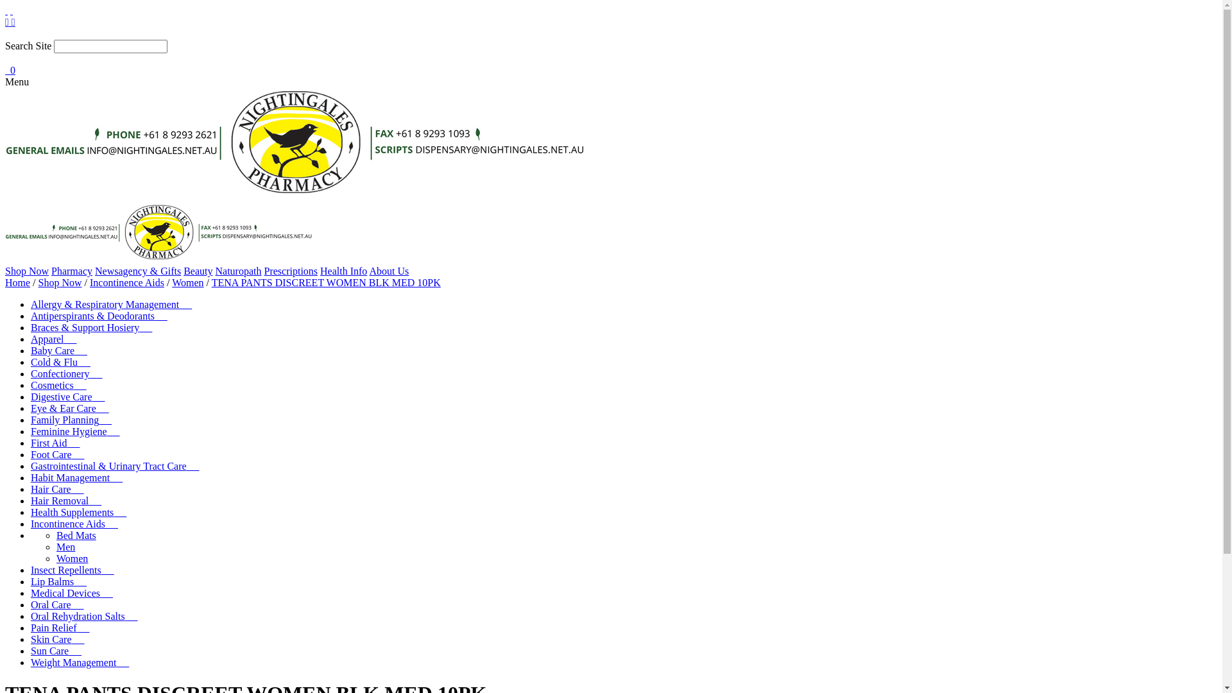  What do you see at coordinates (31, 627) in the screenshot?
I see `'Pain Relief     '` at bounding box center [31, 627].